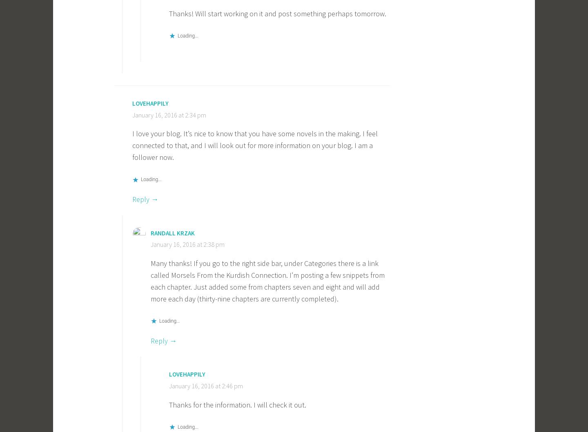 Image resolution: width=588 pixels, height=432 pixels. Describe the element at coordinates (277, 13) in the screenshot. I see `'Thanks!  Will start working on it and post something perhaps tomorrow.'` at that location.